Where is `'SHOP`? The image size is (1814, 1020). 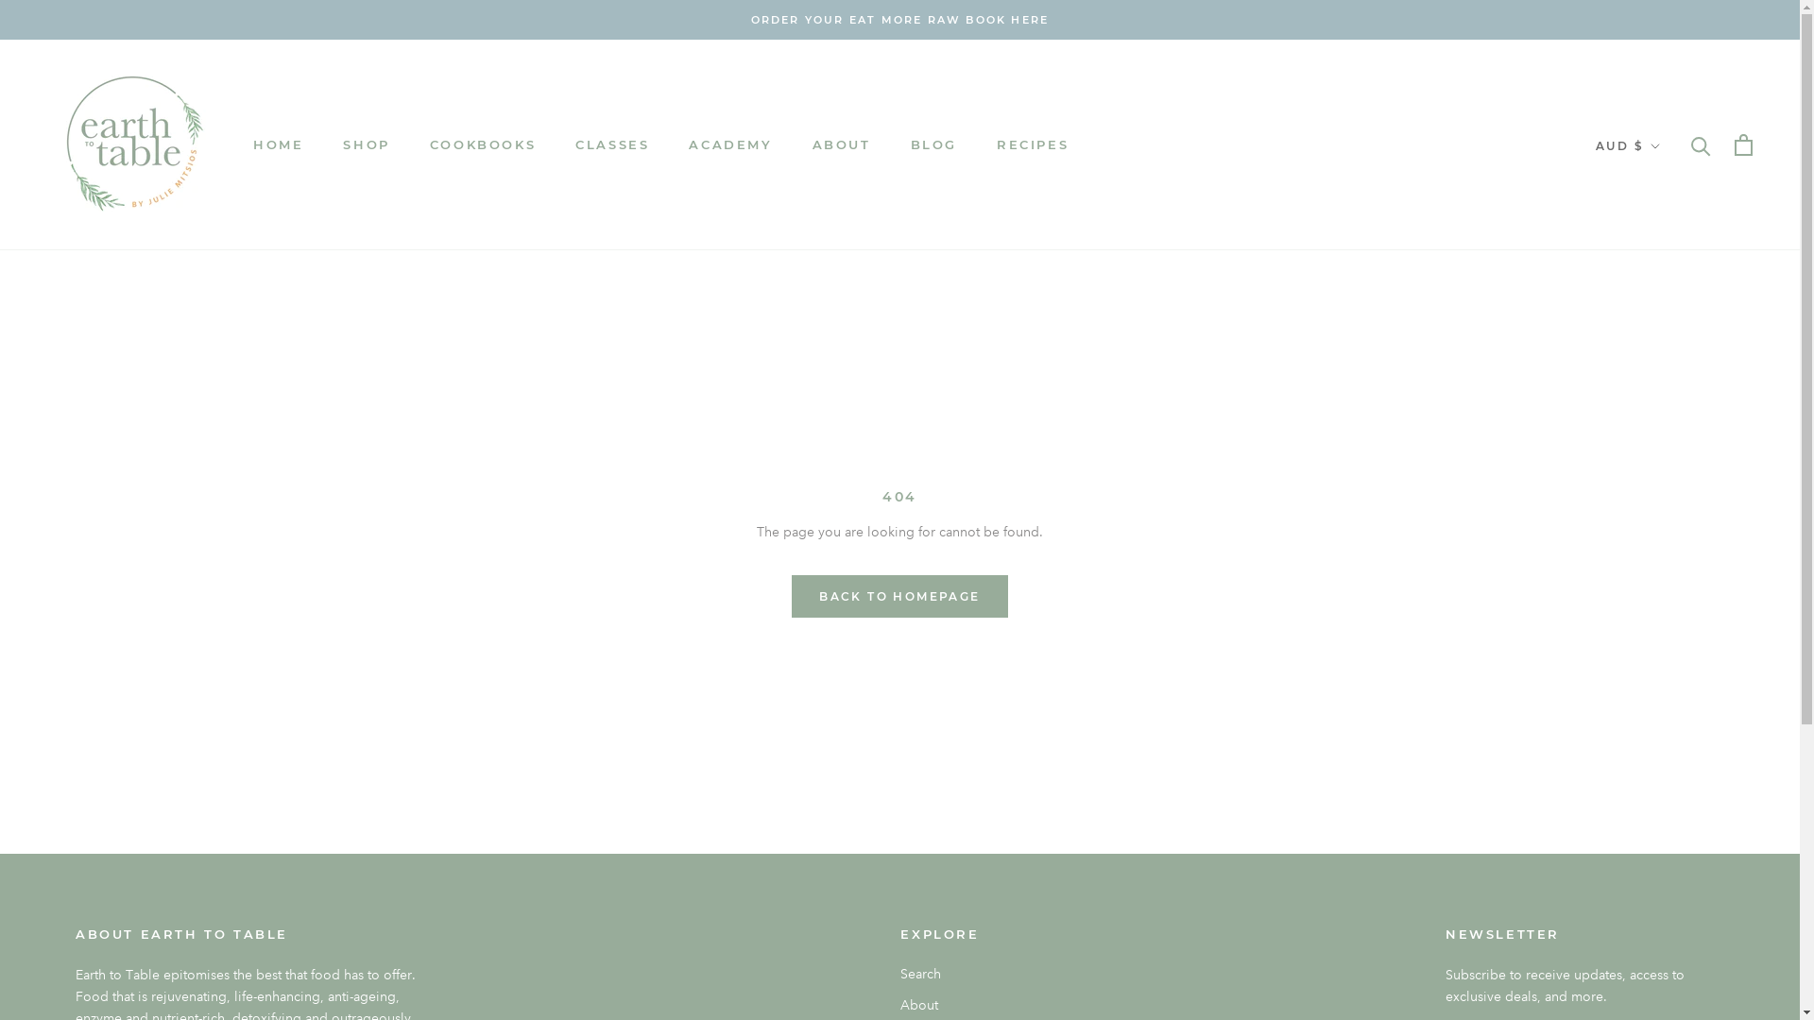 'SHOP is located at coordinates (366, 144).